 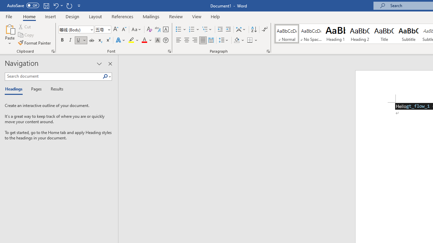 What do you see at coordinates (131, 40) in the screenshot?
I see `'Text Highlight Color Yellow'` at bounding box center [131, 40].